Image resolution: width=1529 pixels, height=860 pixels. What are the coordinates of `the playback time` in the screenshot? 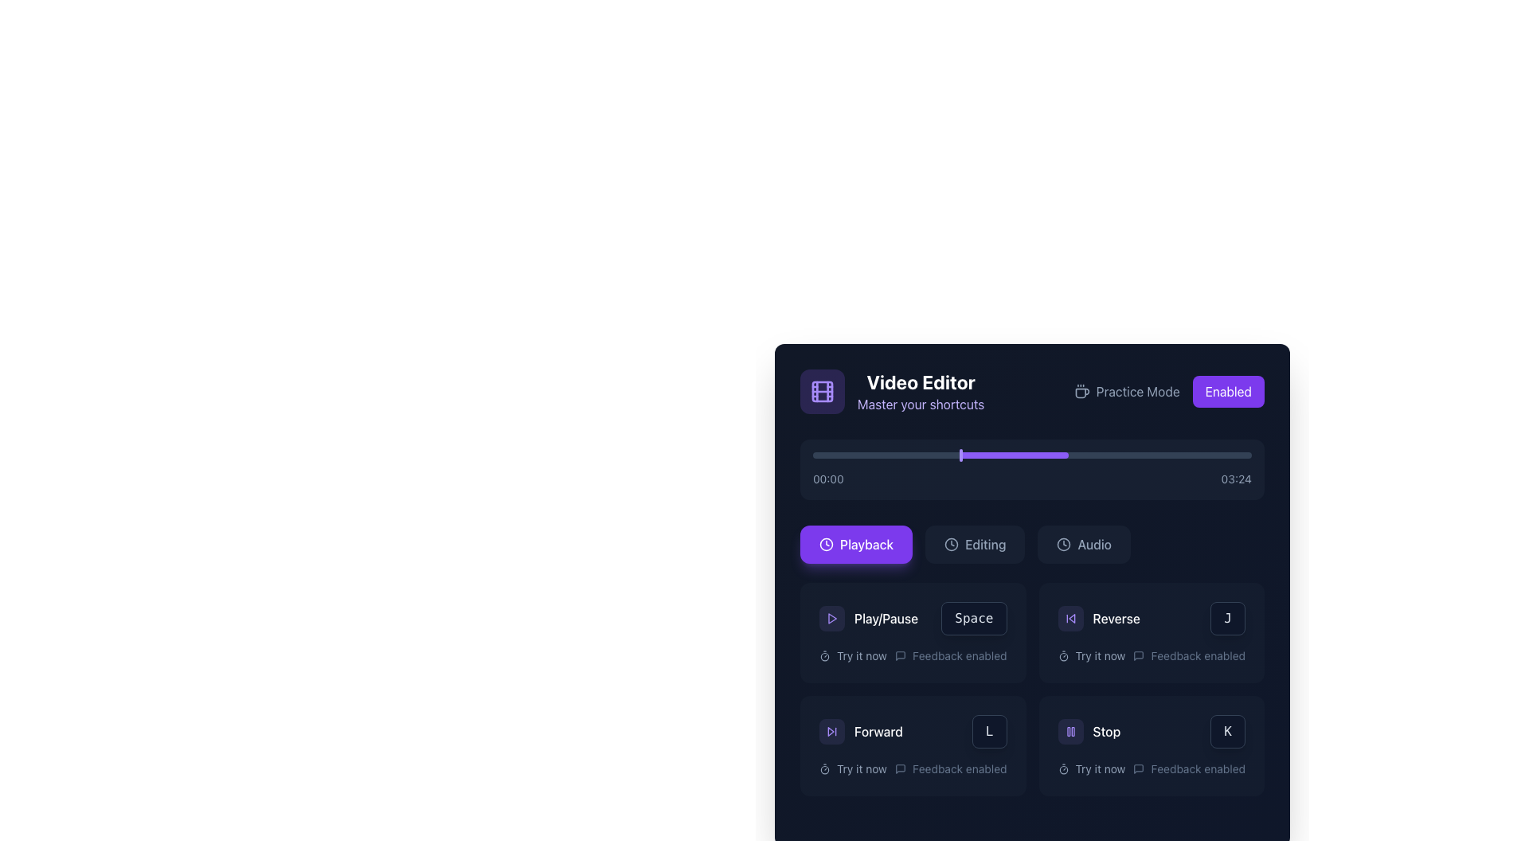 It's located at (1128, 455).